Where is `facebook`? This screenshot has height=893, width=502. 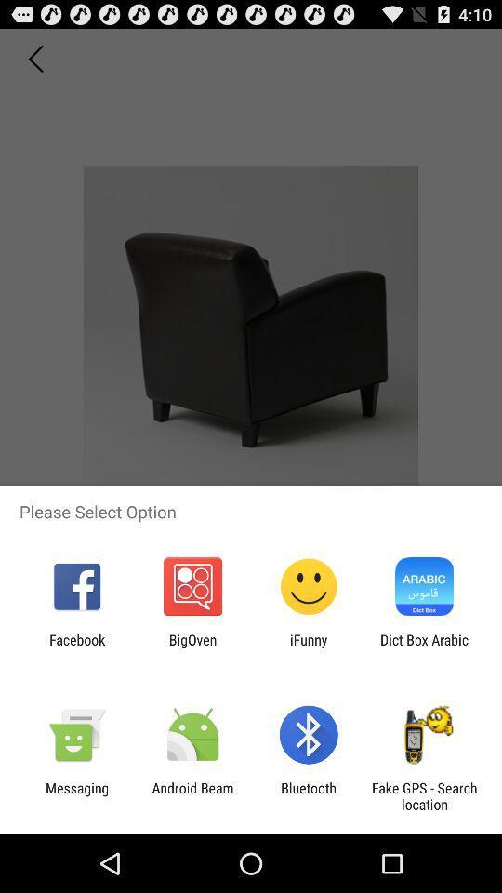
facebook is located at coordinates (76, 647).